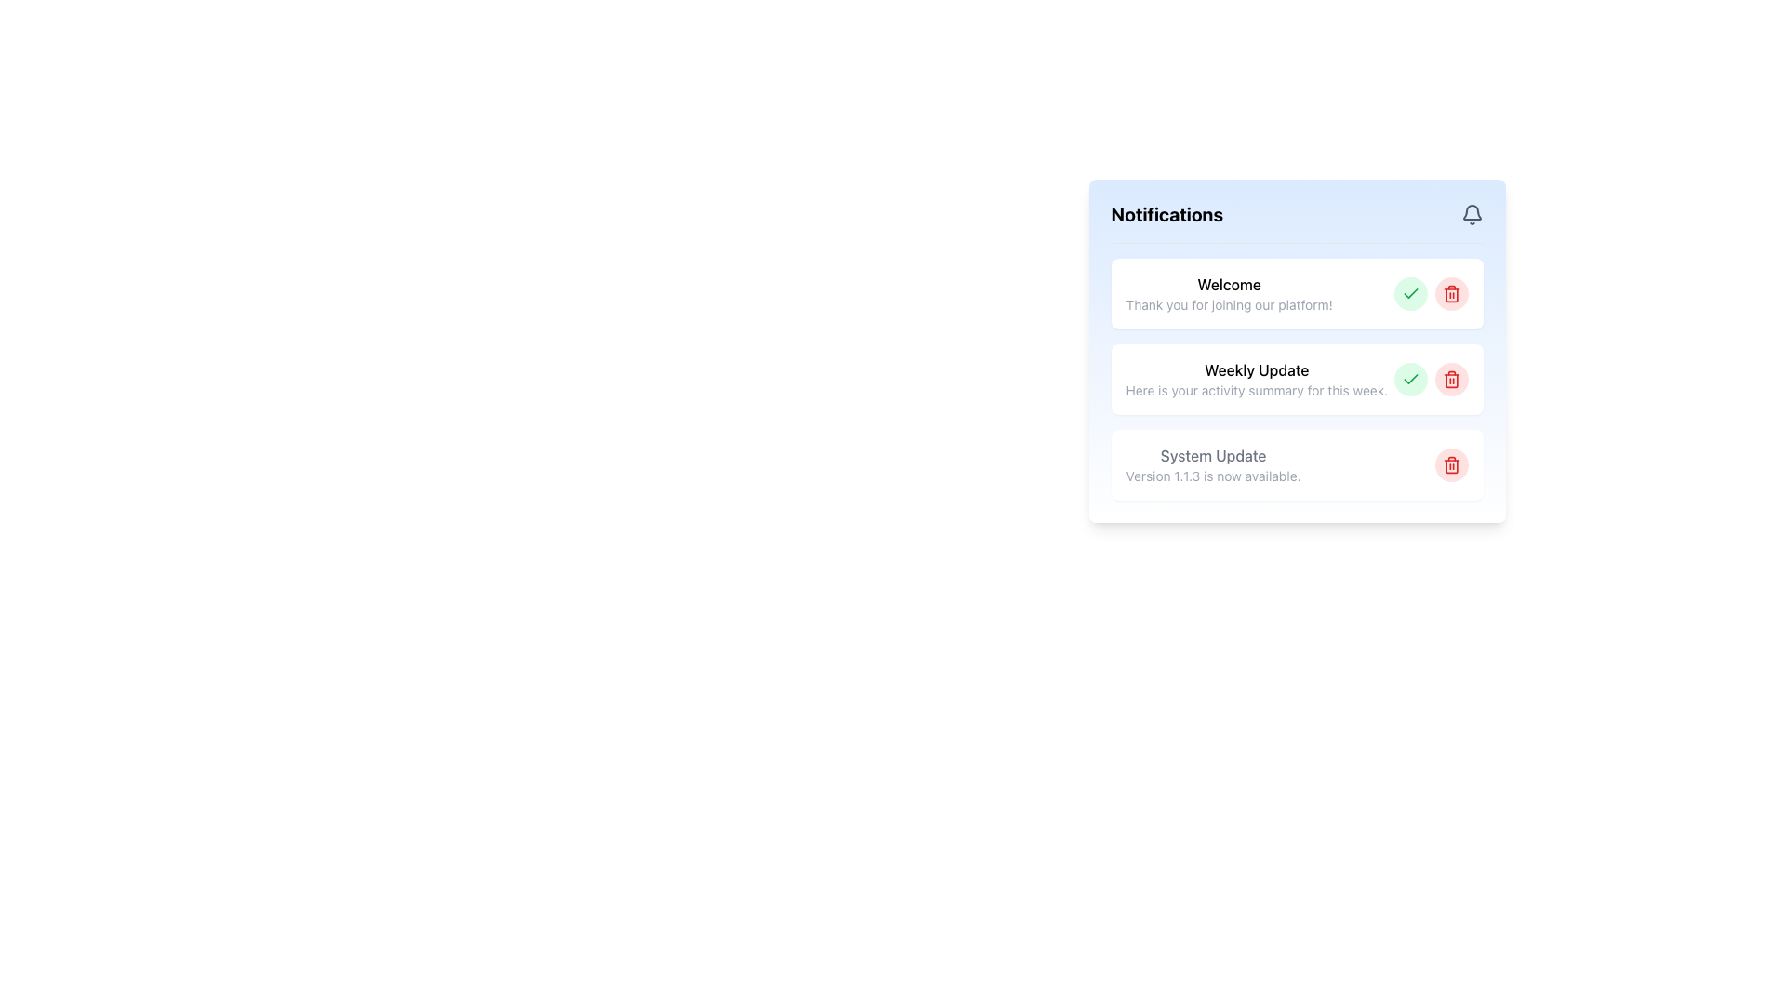  Describe the element at coordinates (1410, 293) in the screenshot. I see `the green checkmark icon located beside the text 'Weekly Update' in the notification section, indicating completion or success` at that location.